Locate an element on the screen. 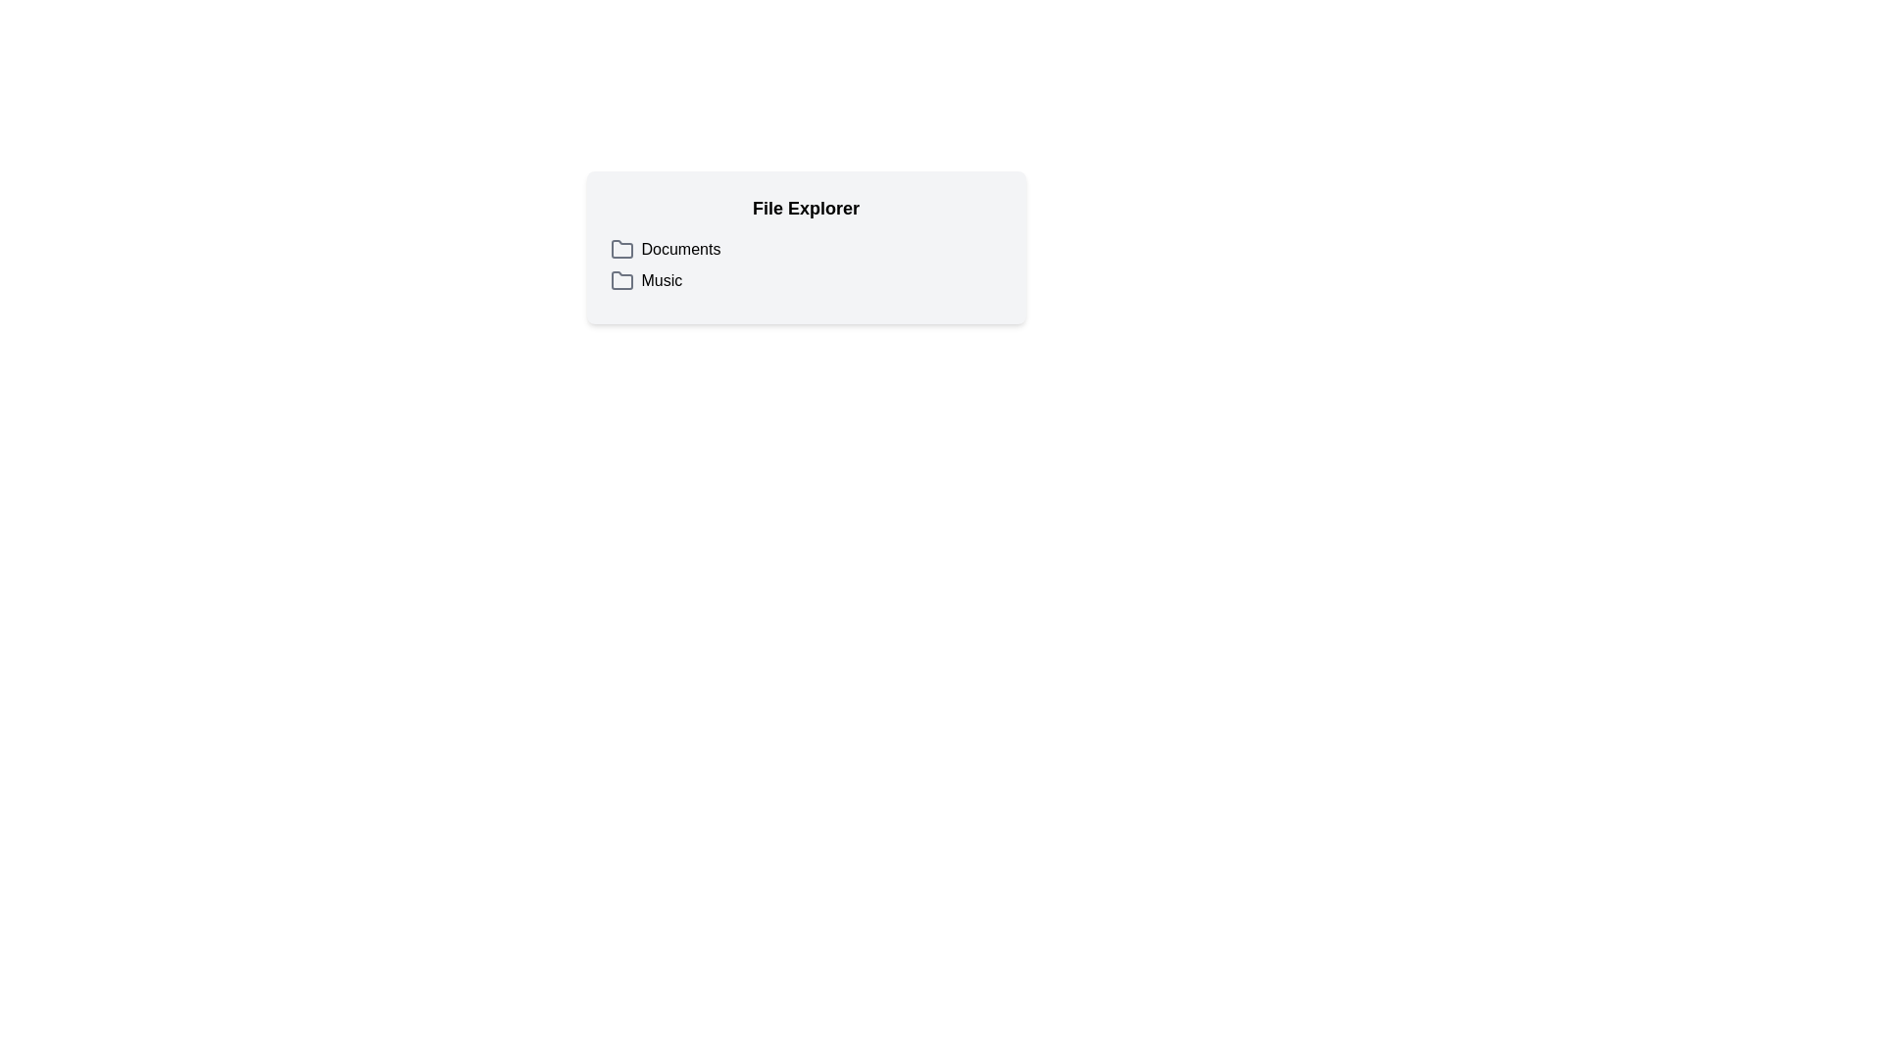 This screenshot has width=1882, height=1058. the folder icon located to the left of the 'Documents' label is located at coordinates (620, 248).